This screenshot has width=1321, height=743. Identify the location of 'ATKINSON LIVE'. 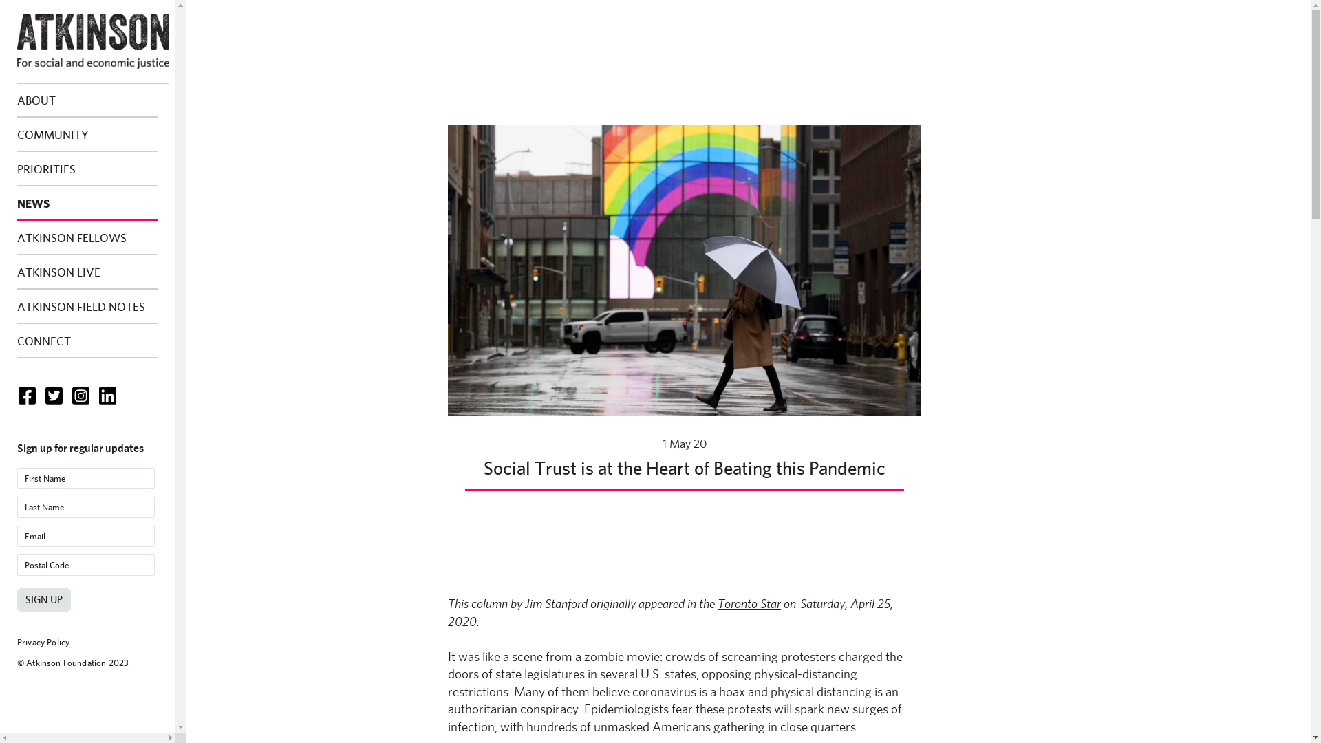
(87, 272).